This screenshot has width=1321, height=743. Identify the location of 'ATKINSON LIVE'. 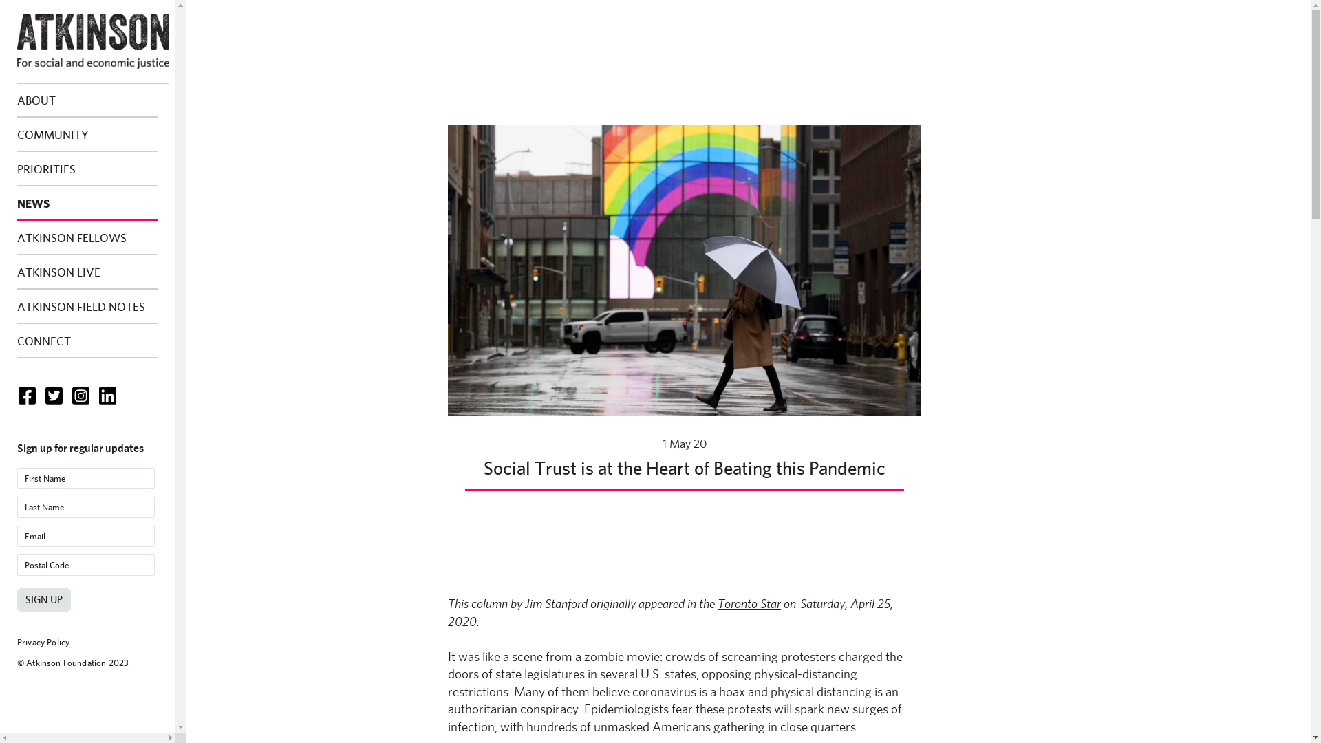
(87, 272).